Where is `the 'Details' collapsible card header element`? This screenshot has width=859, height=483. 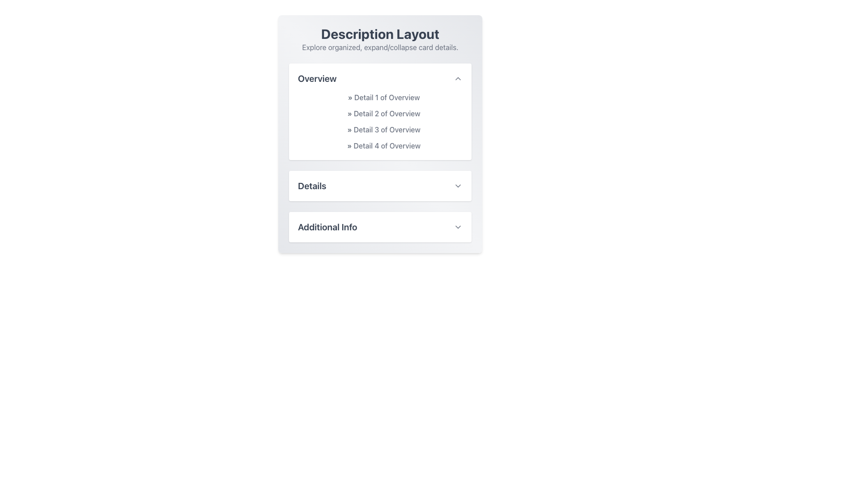 the 'Details' collapsible card header element is located at coordinates (380, 186).